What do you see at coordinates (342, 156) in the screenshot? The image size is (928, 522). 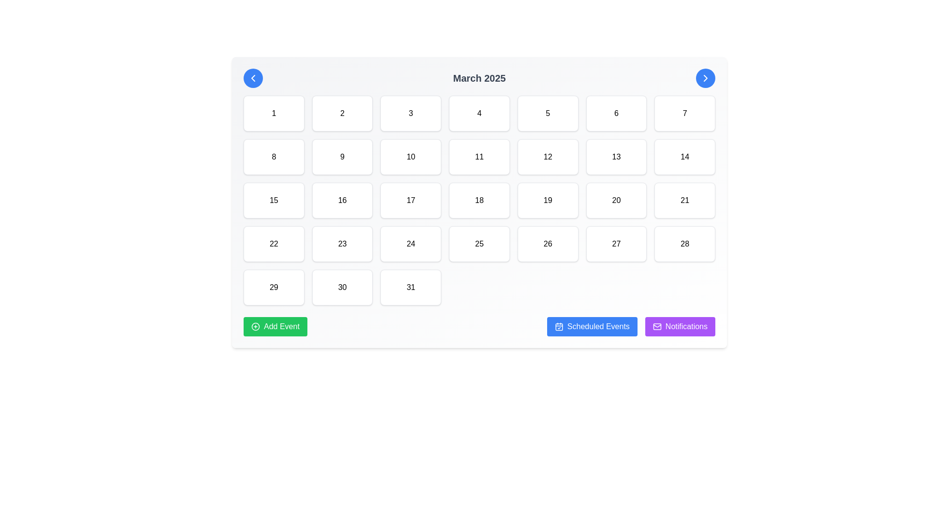 I see `the calendar date box displaying the numeral '9', which is styled with a white background and black numeral, located in the second row, second column of the March 2025 grid` at bounding box center [342, 156].